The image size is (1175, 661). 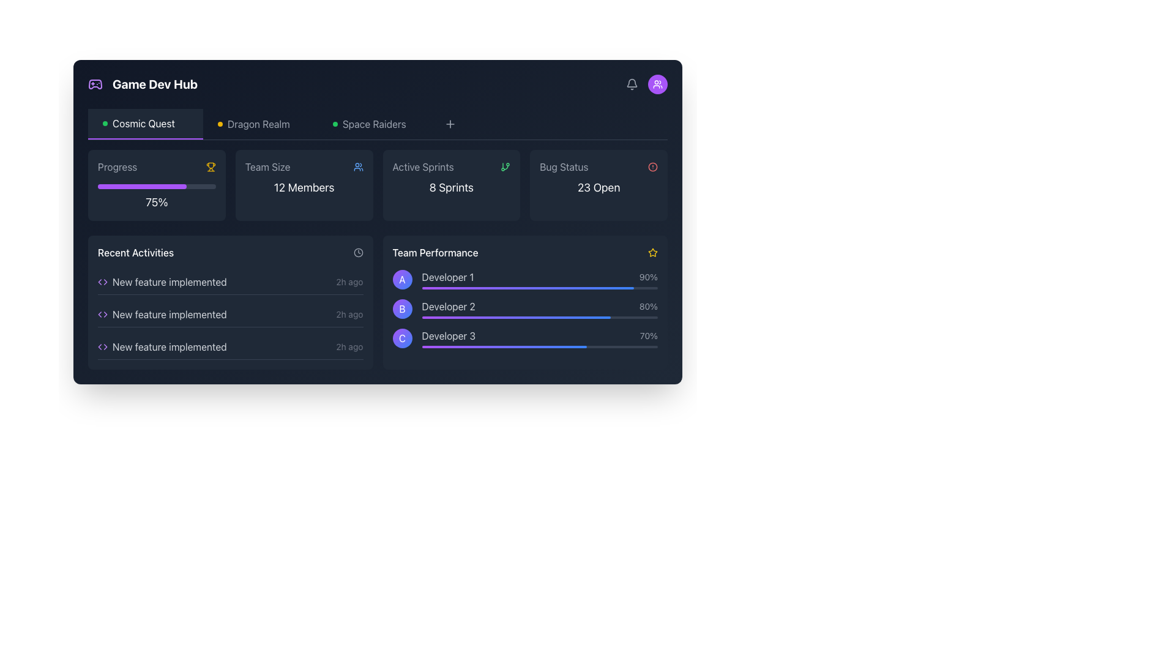 I want to click on the Navigation menu, so click(x=377, y=124).